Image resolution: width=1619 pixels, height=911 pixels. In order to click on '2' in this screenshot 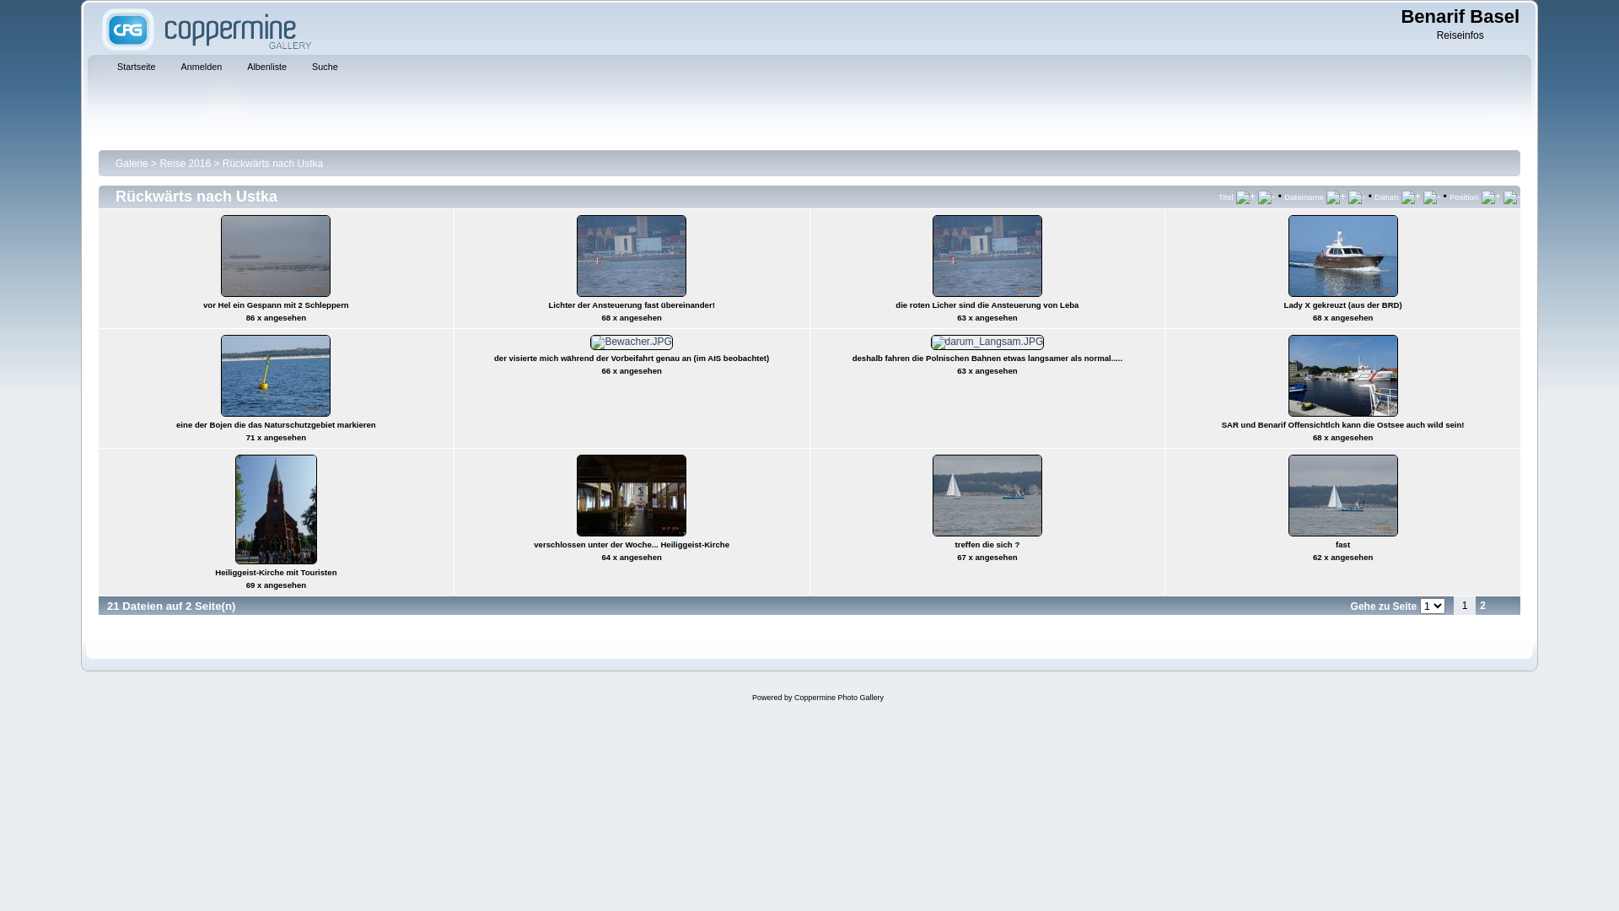, I will do `click(1475, 604)`.